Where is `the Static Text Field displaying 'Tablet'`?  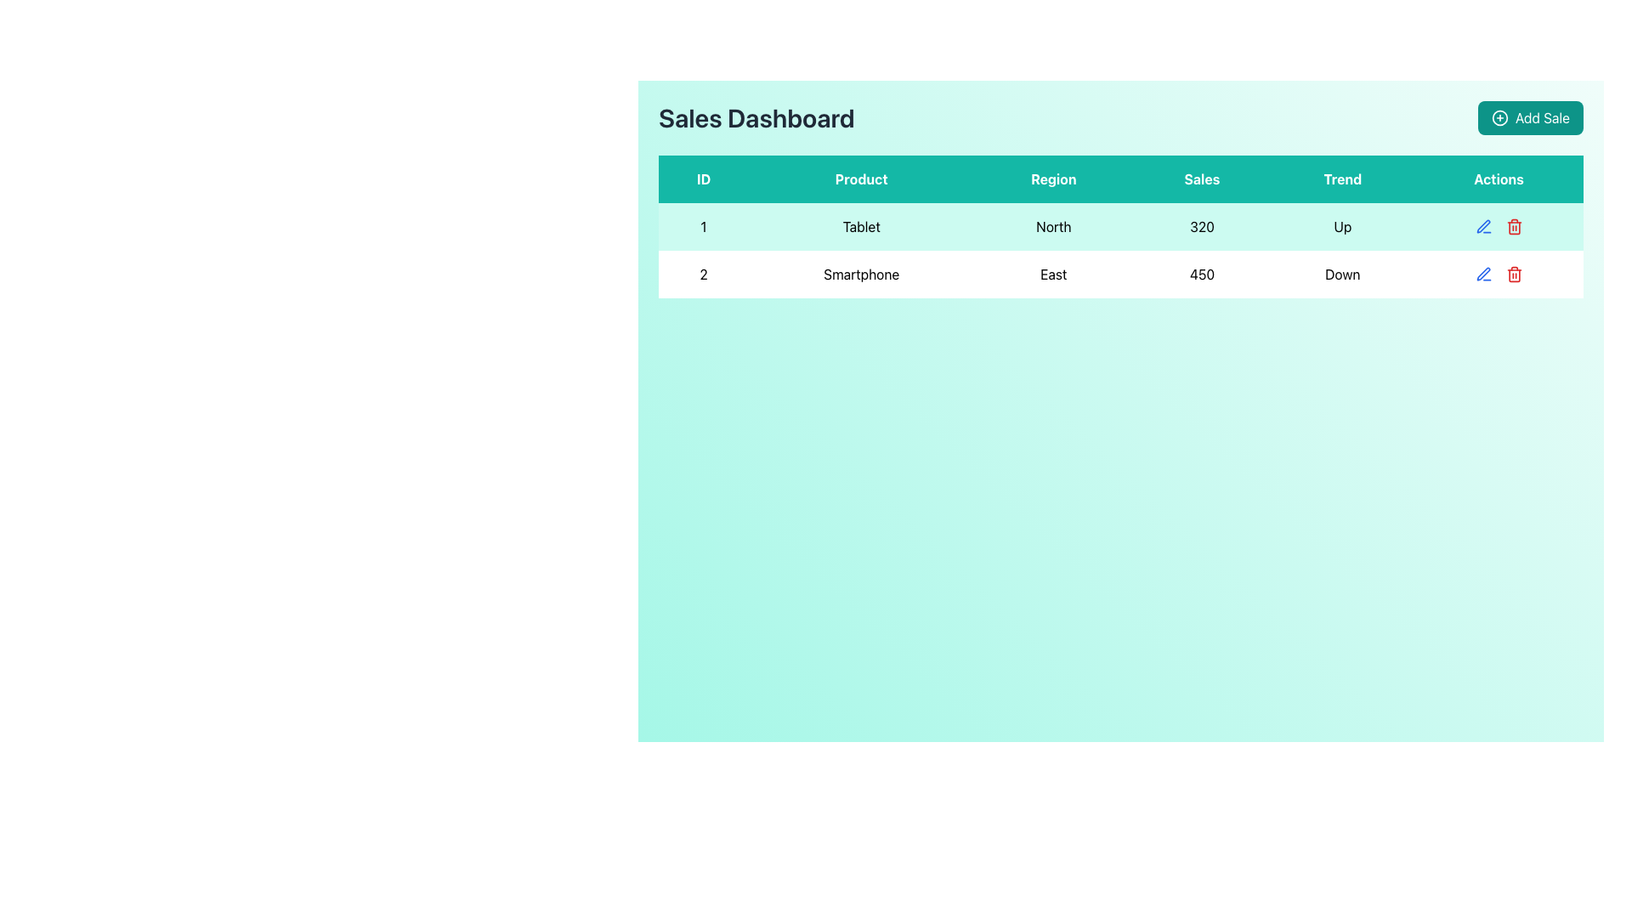 the Static Text Field displaying 'Tablet' is located at coordinates (861, 225).